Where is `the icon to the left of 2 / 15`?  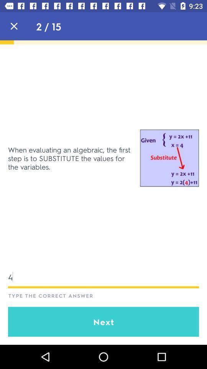
the icon to the left of 2 / 15 is located at coordinates (14, 26).